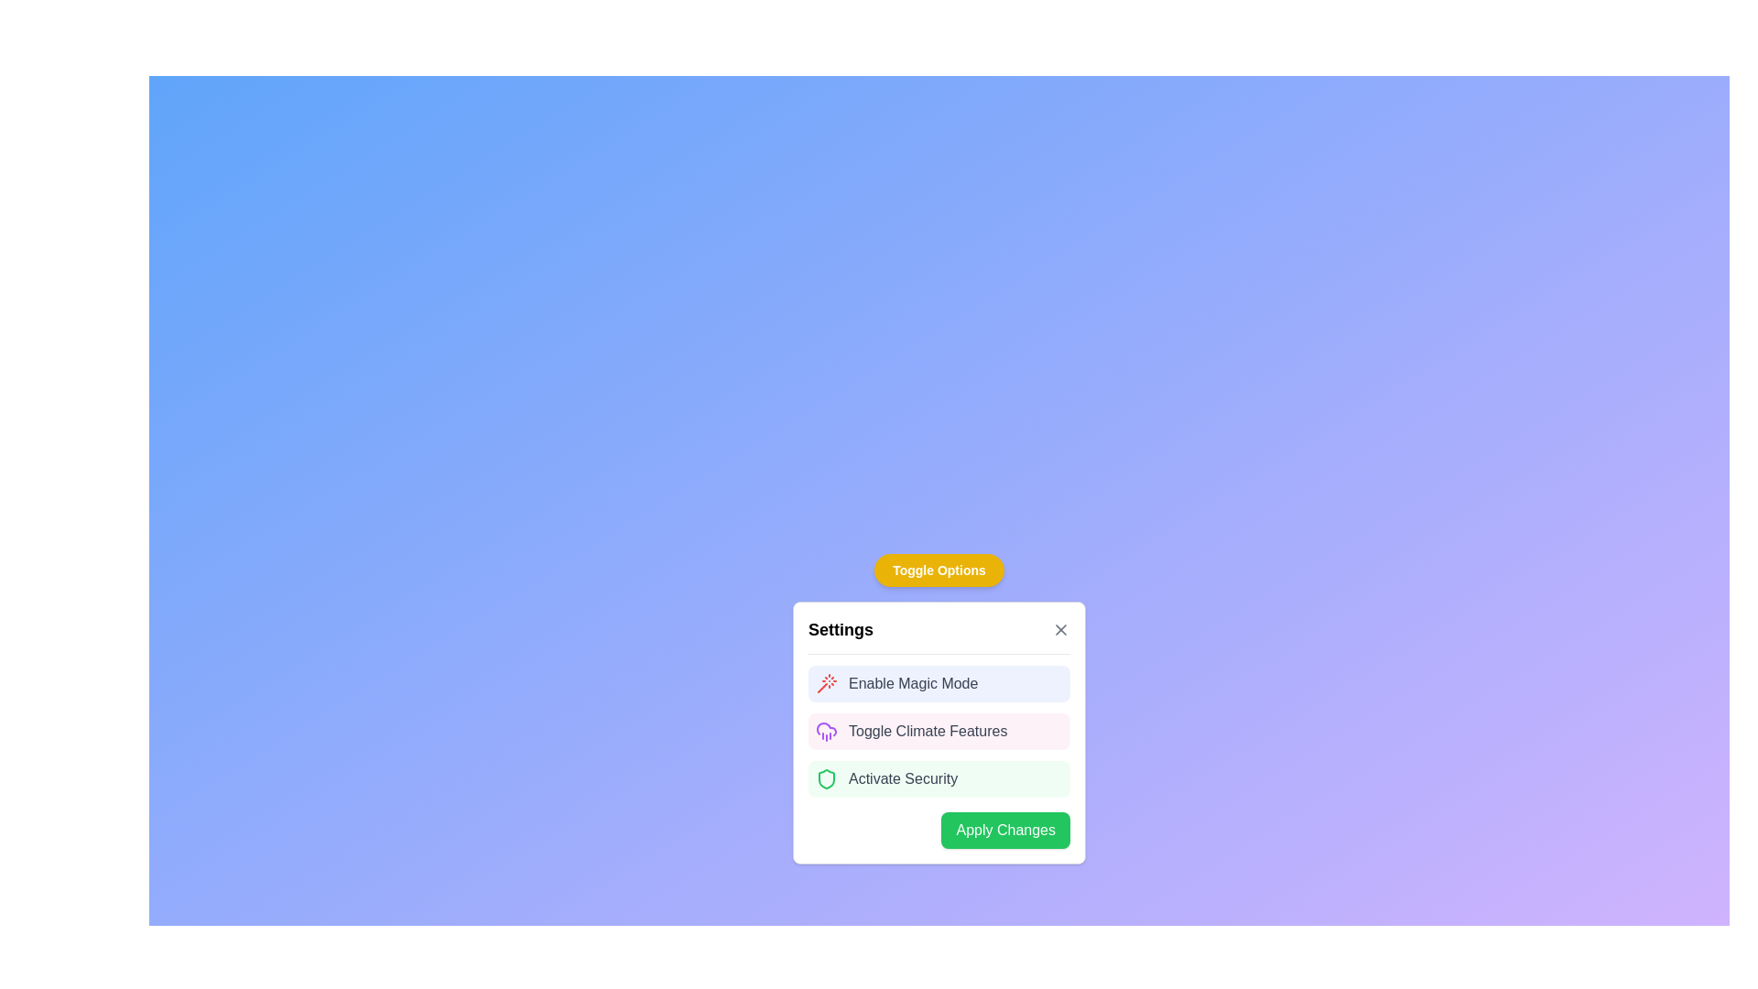  I want to click on the SVG icon representing security, which is positioned to the far left of the 'Activate Security' feature text, so click(825, 779).